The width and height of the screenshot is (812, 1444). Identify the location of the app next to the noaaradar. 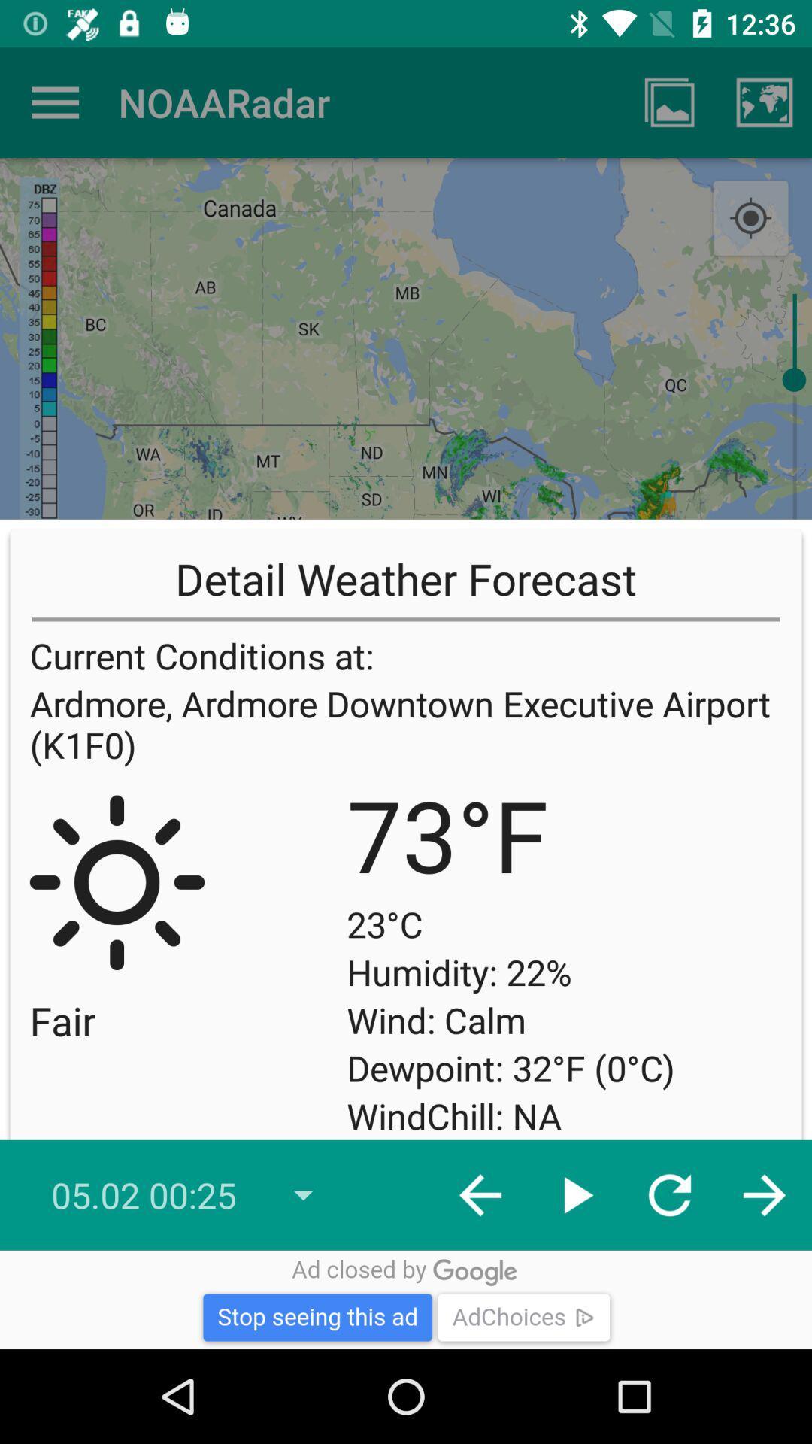
(54, 102).